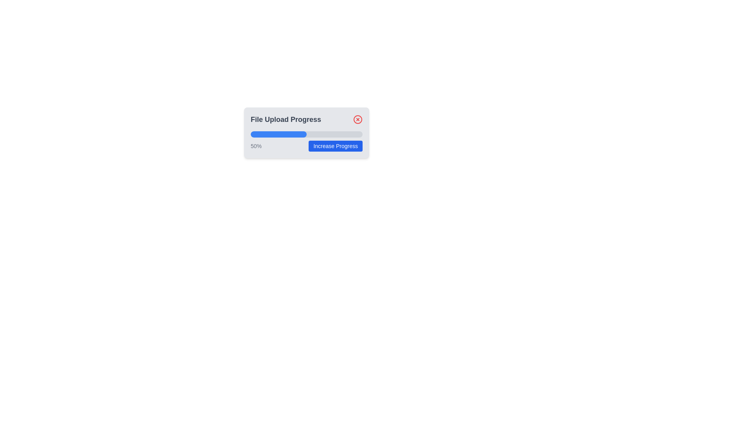 The image size is (751, 422). I want to click on the progress bar that visually represents a task's completion level, currently showing 50% progress, located within a gray card, so click(306, 134).